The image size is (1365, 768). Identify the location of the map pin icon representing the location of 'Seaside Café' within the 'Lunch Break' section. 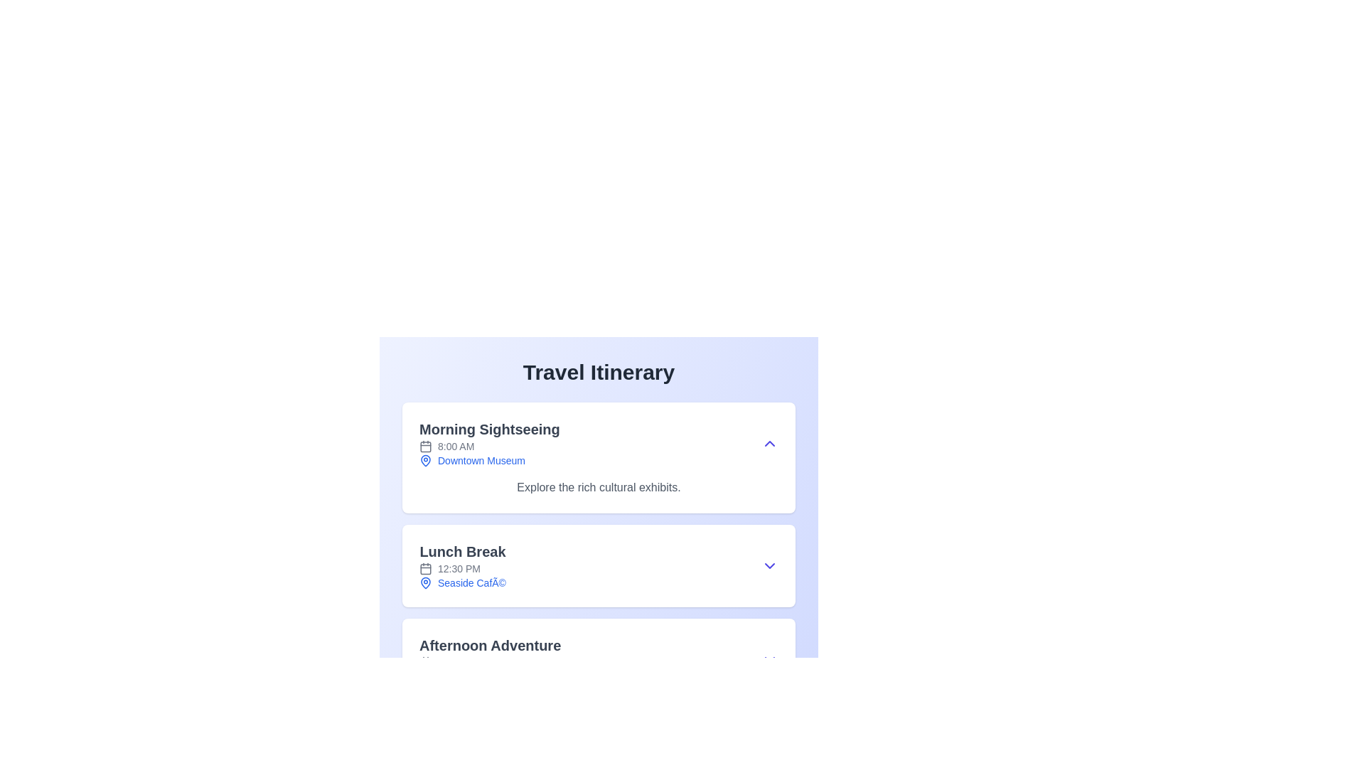
(425, 583).